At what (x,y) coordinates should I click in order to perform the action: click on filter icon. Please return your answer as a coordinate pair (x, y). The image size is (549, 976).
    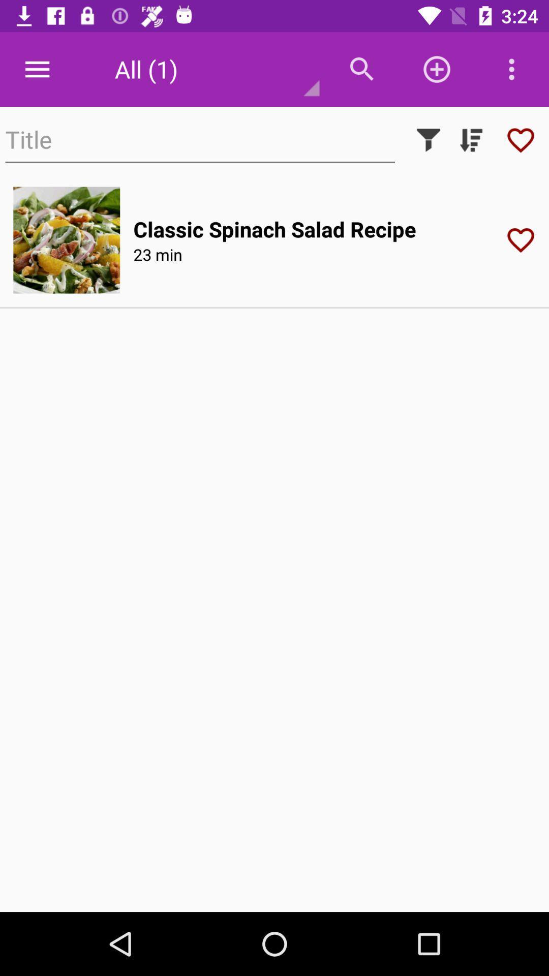
    Looking at the image, I should click on (429, 139).